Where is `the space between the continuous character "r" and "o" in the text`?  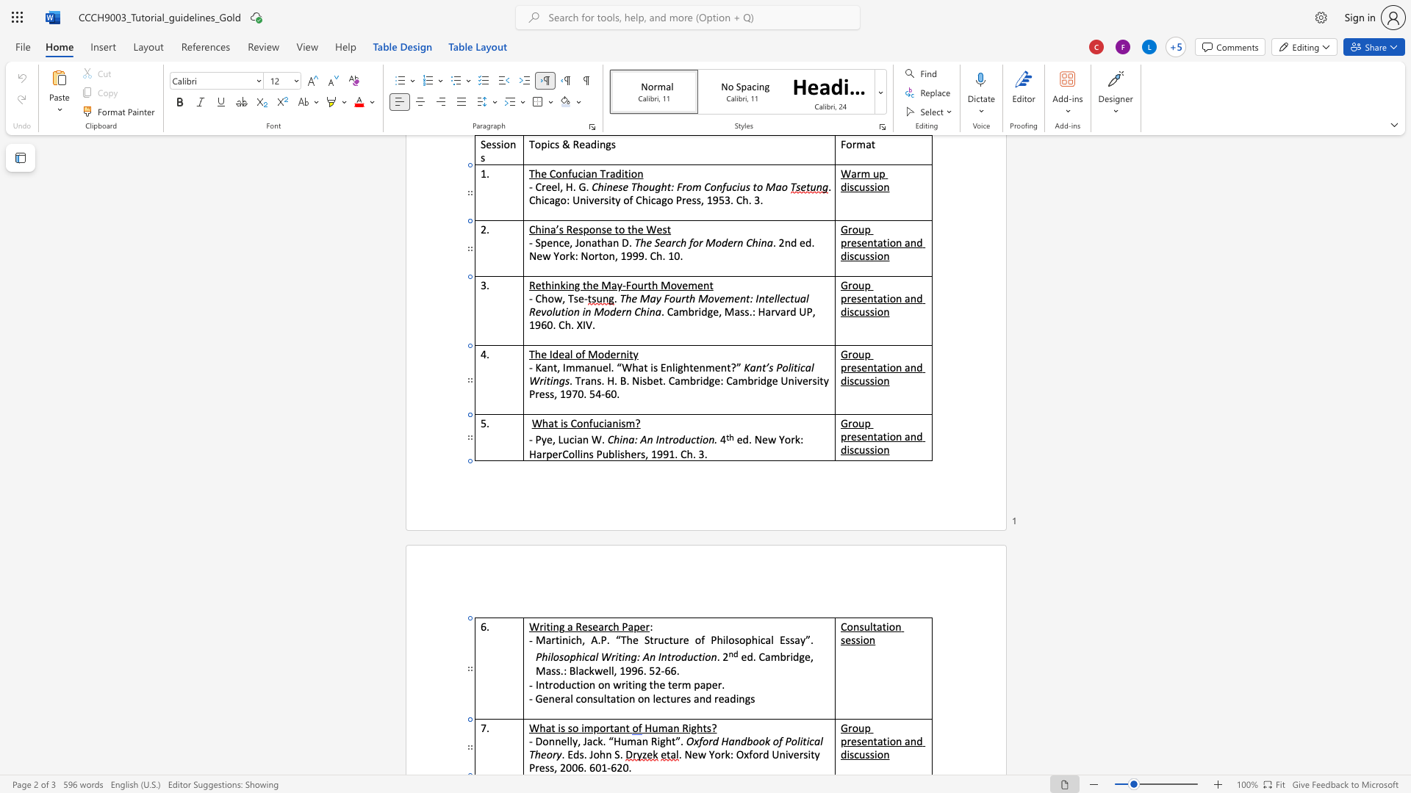
the space between the continuous character "r" and "o" in the text is located at coordinates (852, 728).